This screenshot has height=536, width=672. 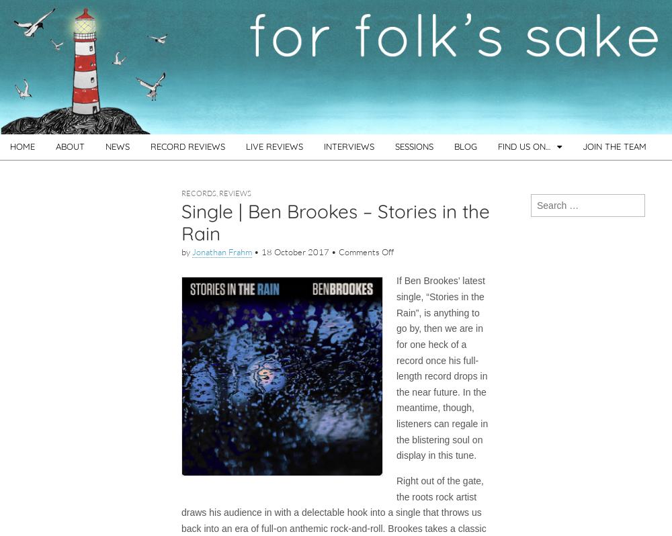 I want to click on ',', so click(x=217, y=191).